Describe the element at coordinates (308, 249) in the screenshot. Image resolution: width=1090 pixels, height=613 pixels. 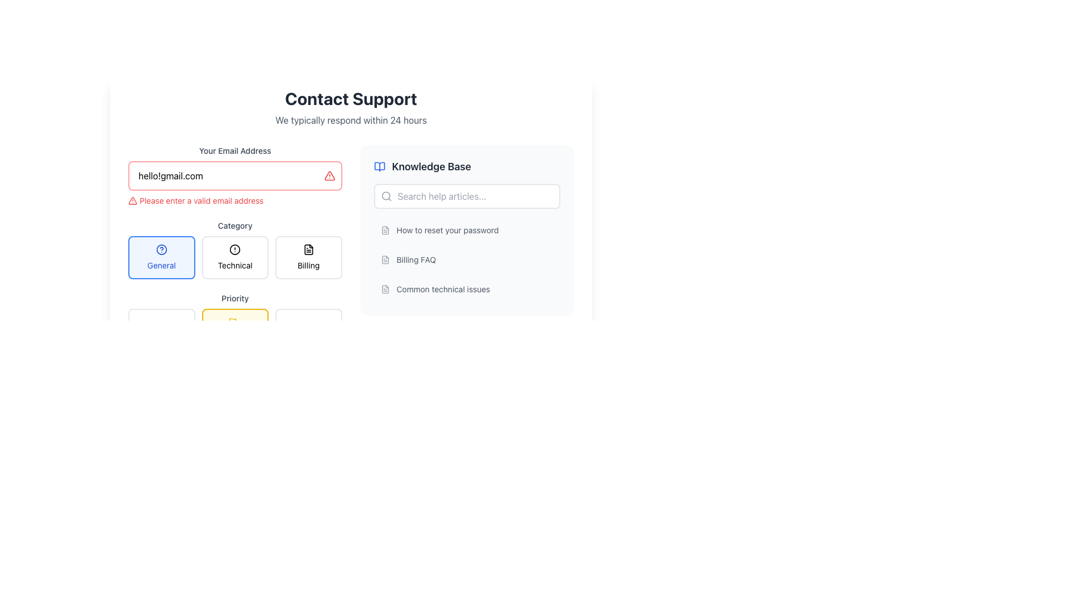
I see `the document icon, which is styled with lines representing text and a folded corner, located inside the 'Billing' button in the third position among the category buttons` at that location.